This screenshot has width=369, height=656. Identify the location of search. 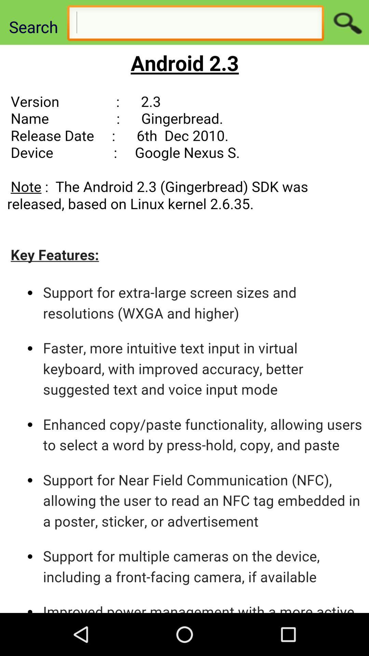
(346, 23).